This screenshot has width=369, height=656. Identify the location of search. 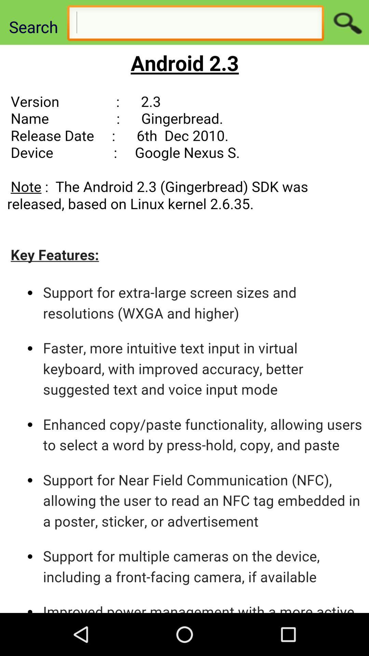
(346, 23).